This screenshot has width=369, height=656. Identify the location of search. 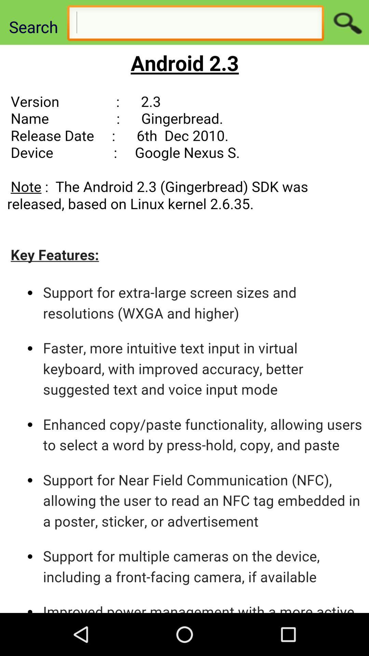
(346, 23).